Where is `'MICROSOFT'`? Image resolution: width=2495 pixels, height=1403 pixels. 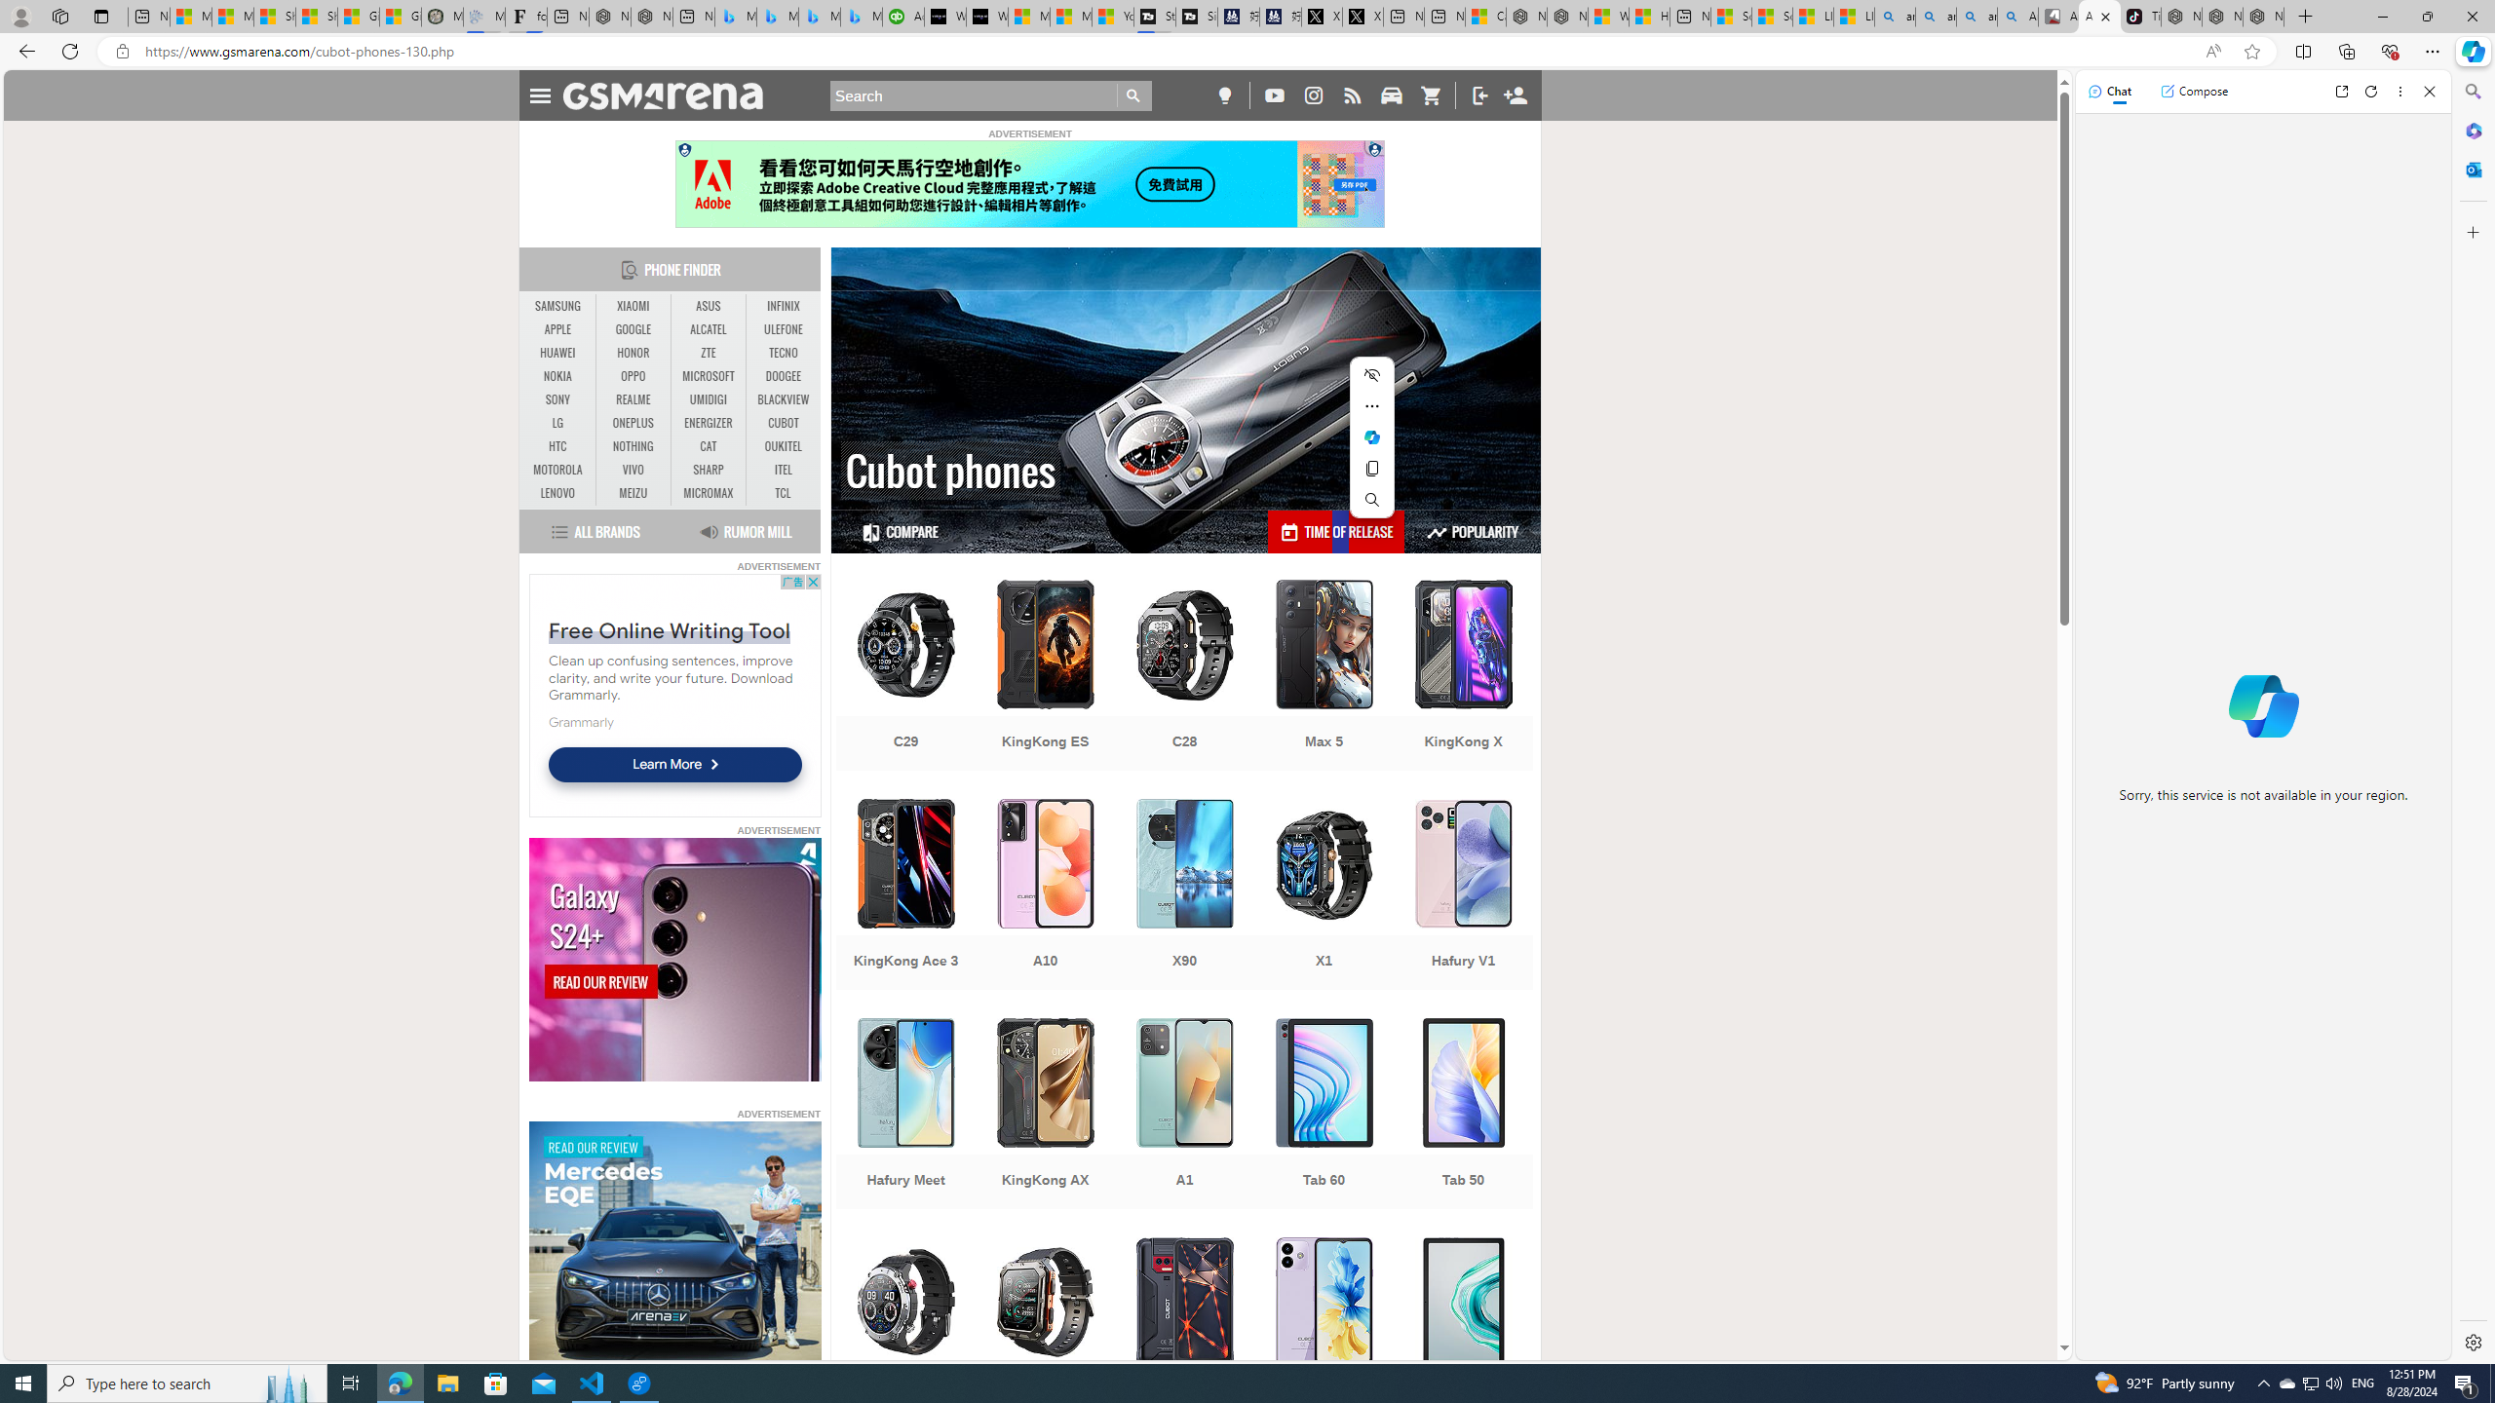
'MICROSOFT' is located at coordinates (708, 376).